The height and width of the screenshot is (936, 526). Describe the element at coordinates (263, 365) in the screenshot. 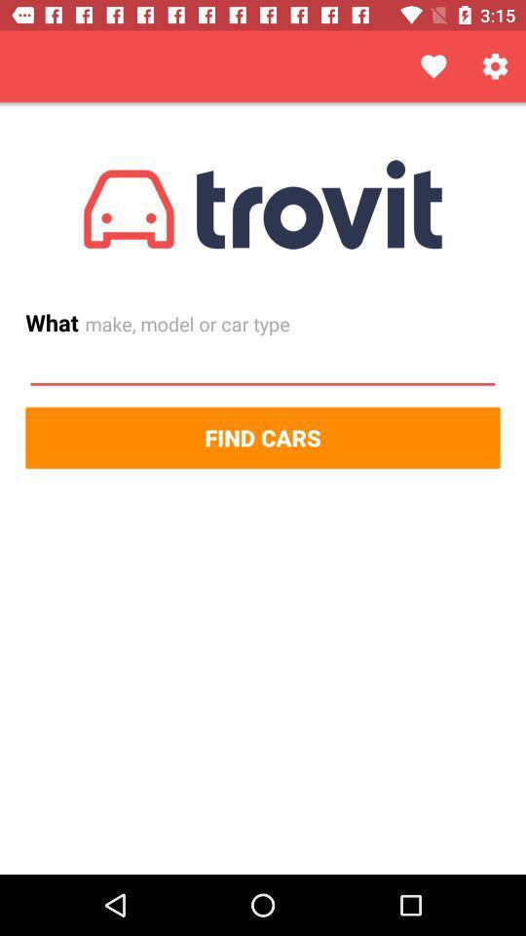

I see `the car brand you wish to search` at that location.